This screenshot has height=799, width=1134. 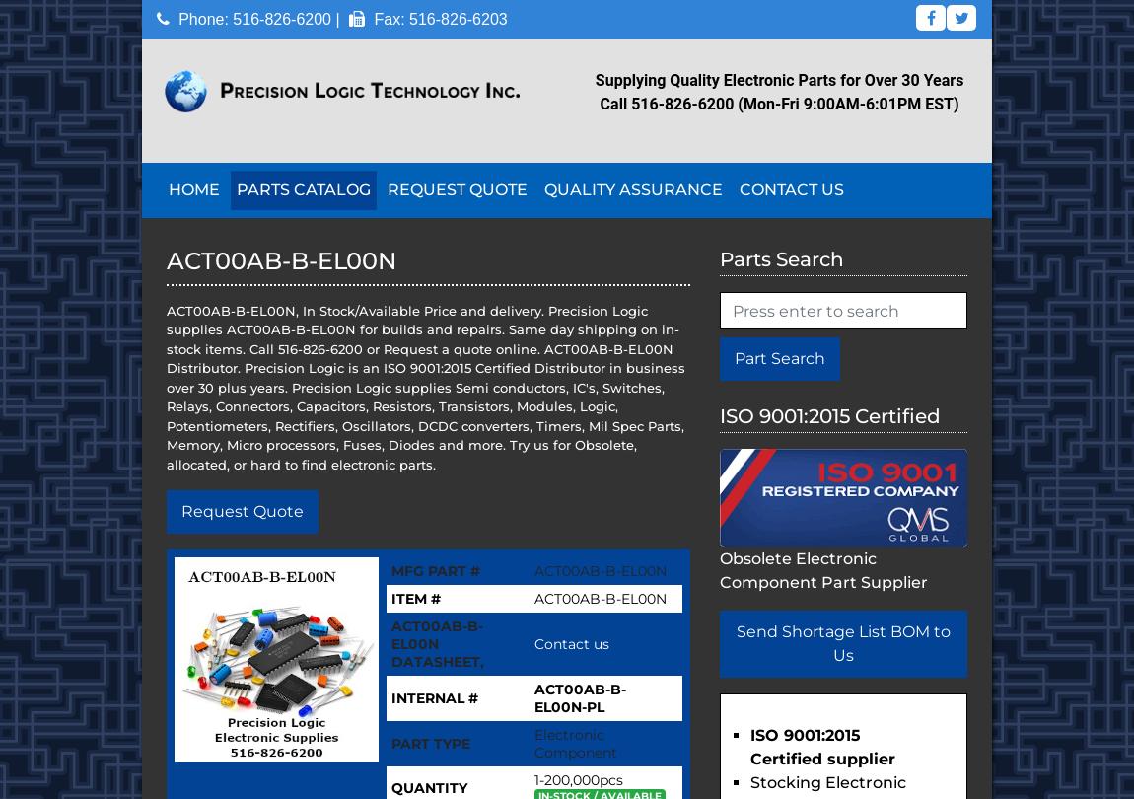 What do you see at coordinates (425, 386) in the screenshot?
I see `'ACT00AB-B-EL00N, In Stock/Available Price and delivery. Precision Logic supplies ACT00AB-B-EL00N for builds and repairs. Same day shipping on in-stock items. Call 516-826-6200 or Request a quote online. ACT00AB-B-EL00N Distributor. Precision Logic is an ISO 9001:2015 Certified Distributor in business over 30 plus years. Precision Logic supplies Semi conductors, IC's, Switches, Relays, Connectors, Capacitors, Resistors, Transistors, Modules, Logic, Potentiometers, Rectifiers, Oscillators, DCDC converters, Timers, Mil Spec Parts, Memory, Micro processors, Fuses, Diodes and more. Try us for Obsolete, allocated, or hard to find electronic parts.'` at bounding box center [425, 386].